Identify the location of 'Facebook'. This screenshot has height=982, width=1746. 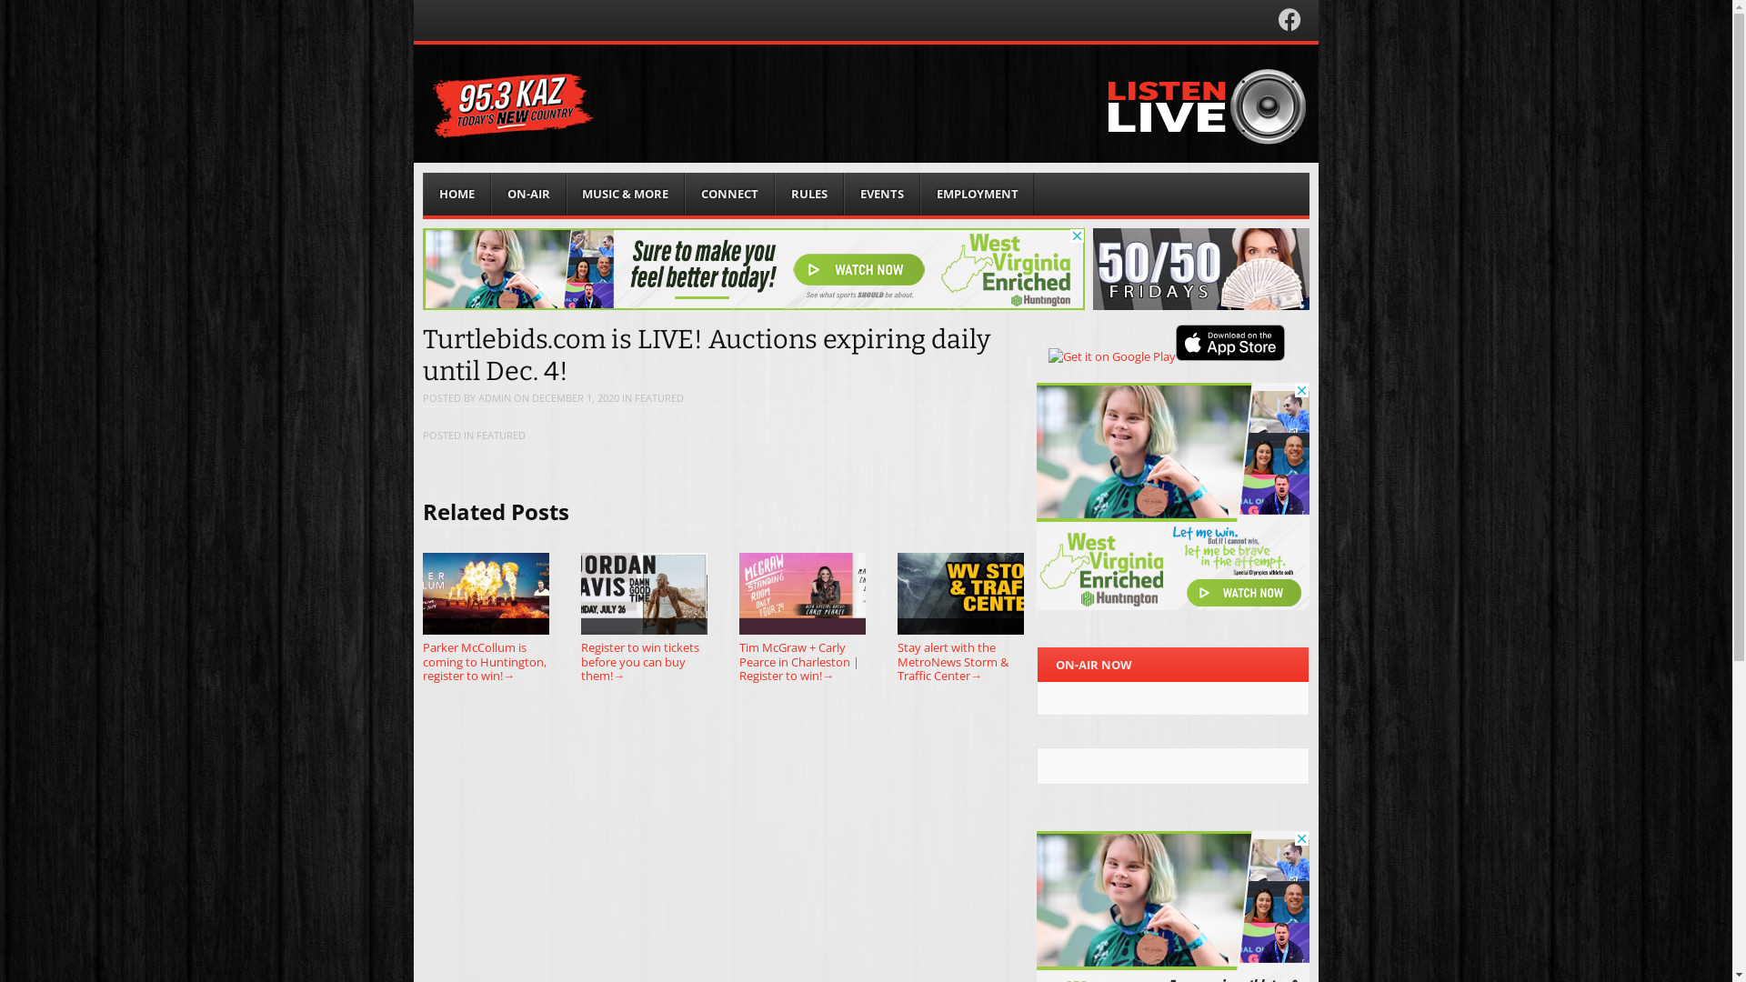
(1278, 24).